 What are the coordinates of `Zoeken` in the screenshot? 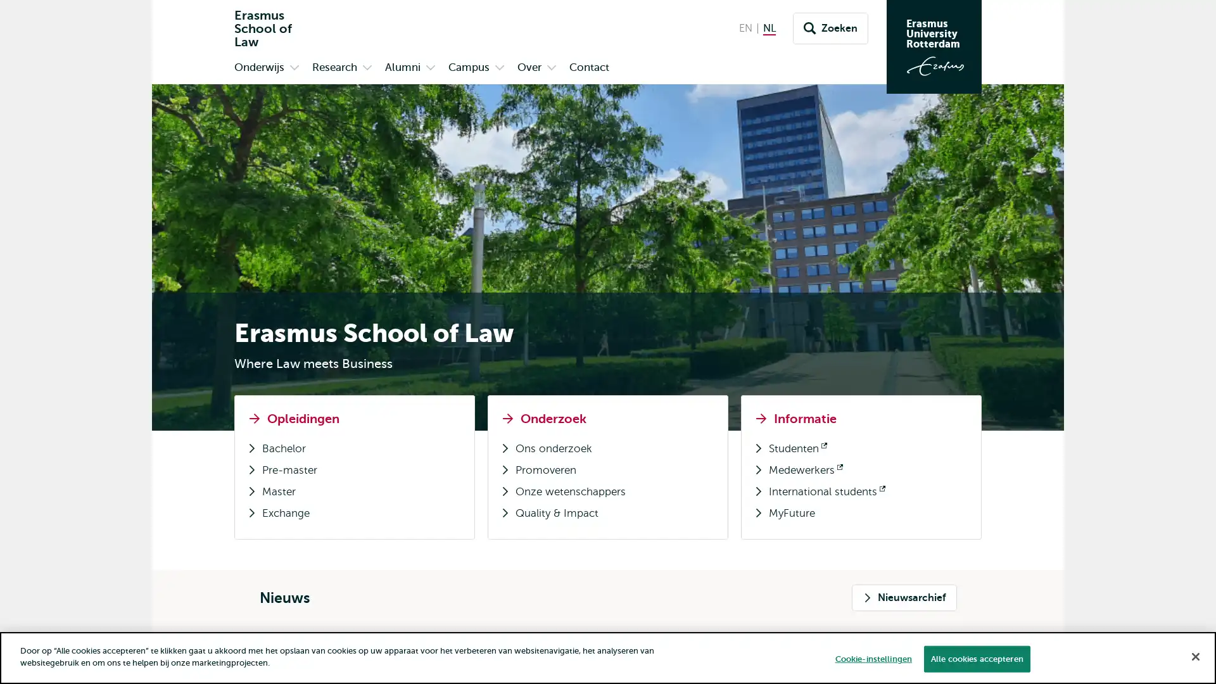 It's located at (830, 28).